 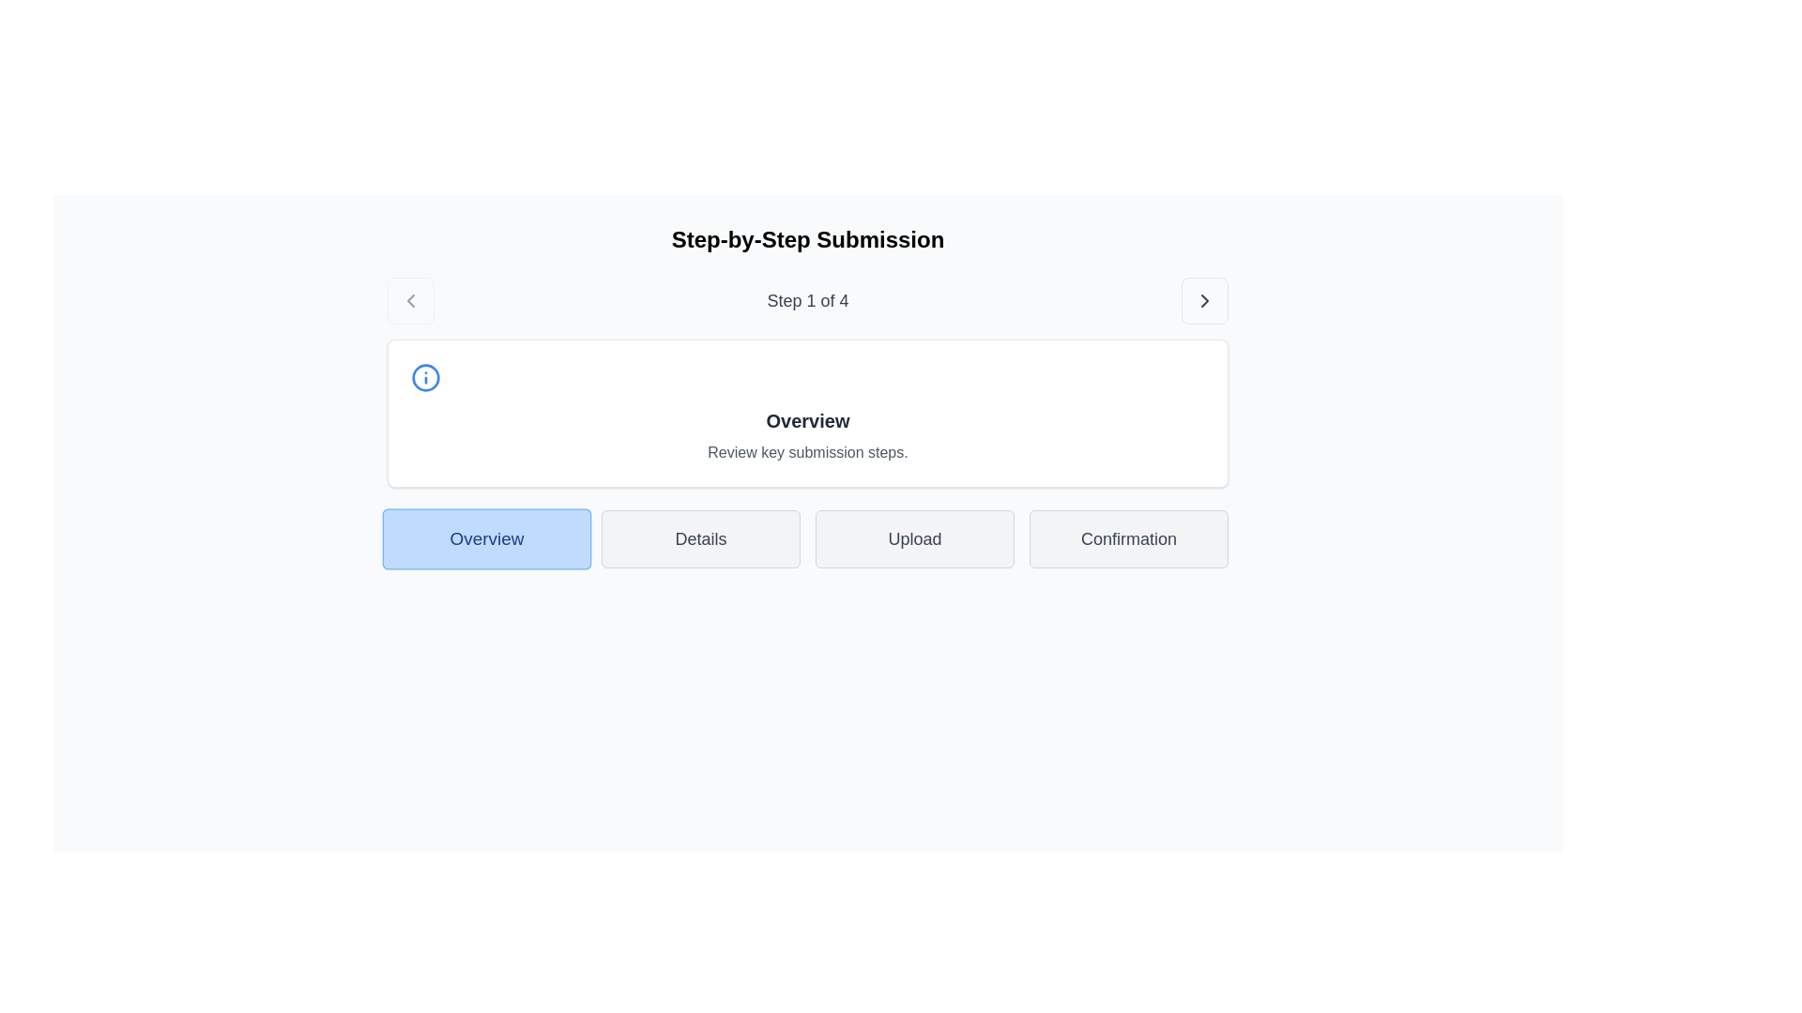 What do you see at coordinates (486, 538) in the screenshot?
I see `the 'Overview' text label inside the blue button located at the bottom center of the interface` at bounding box center [486, 538].